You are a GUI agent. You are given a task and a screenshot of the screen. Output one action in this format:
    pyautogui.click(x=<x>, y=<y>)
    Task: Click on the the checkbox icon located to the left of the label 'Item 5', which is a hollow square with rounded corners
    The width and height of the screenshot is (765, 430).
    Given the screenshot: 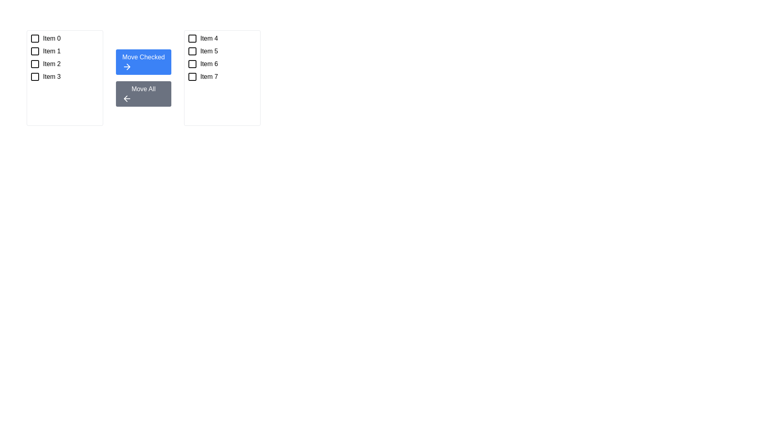 What is the action you would take?
    pyautogui.click(x=192, y=51)
    